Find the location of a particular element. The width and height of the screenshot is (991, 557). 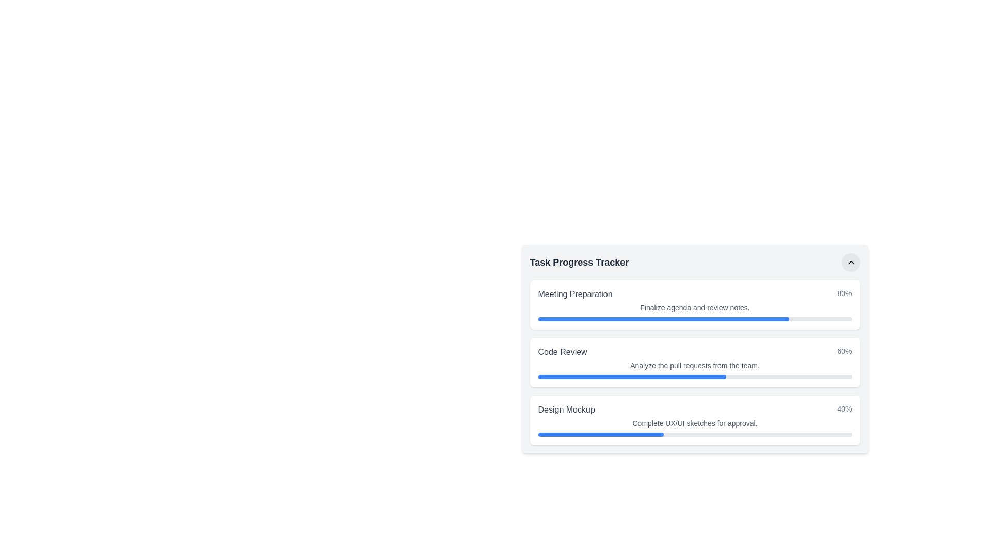

the chevron-up icon button located in the top-right corner of the 'Task Progress Tracker' card to trigger a tooltip is located at coordinates (851, 262).